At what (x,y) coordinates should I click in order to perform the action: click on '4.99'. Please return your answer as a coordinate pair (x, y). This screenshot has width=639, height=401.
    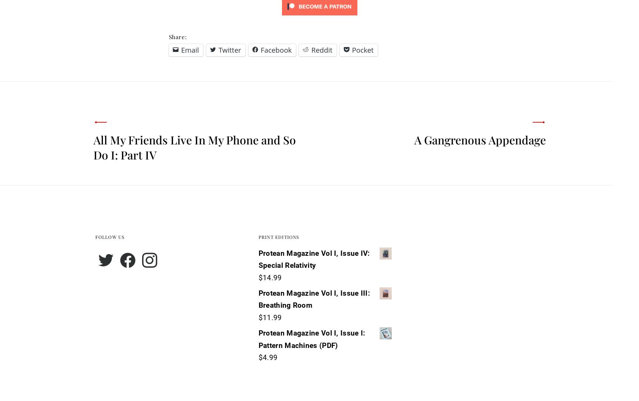
    Looking at the image, I should click on (270, 357).